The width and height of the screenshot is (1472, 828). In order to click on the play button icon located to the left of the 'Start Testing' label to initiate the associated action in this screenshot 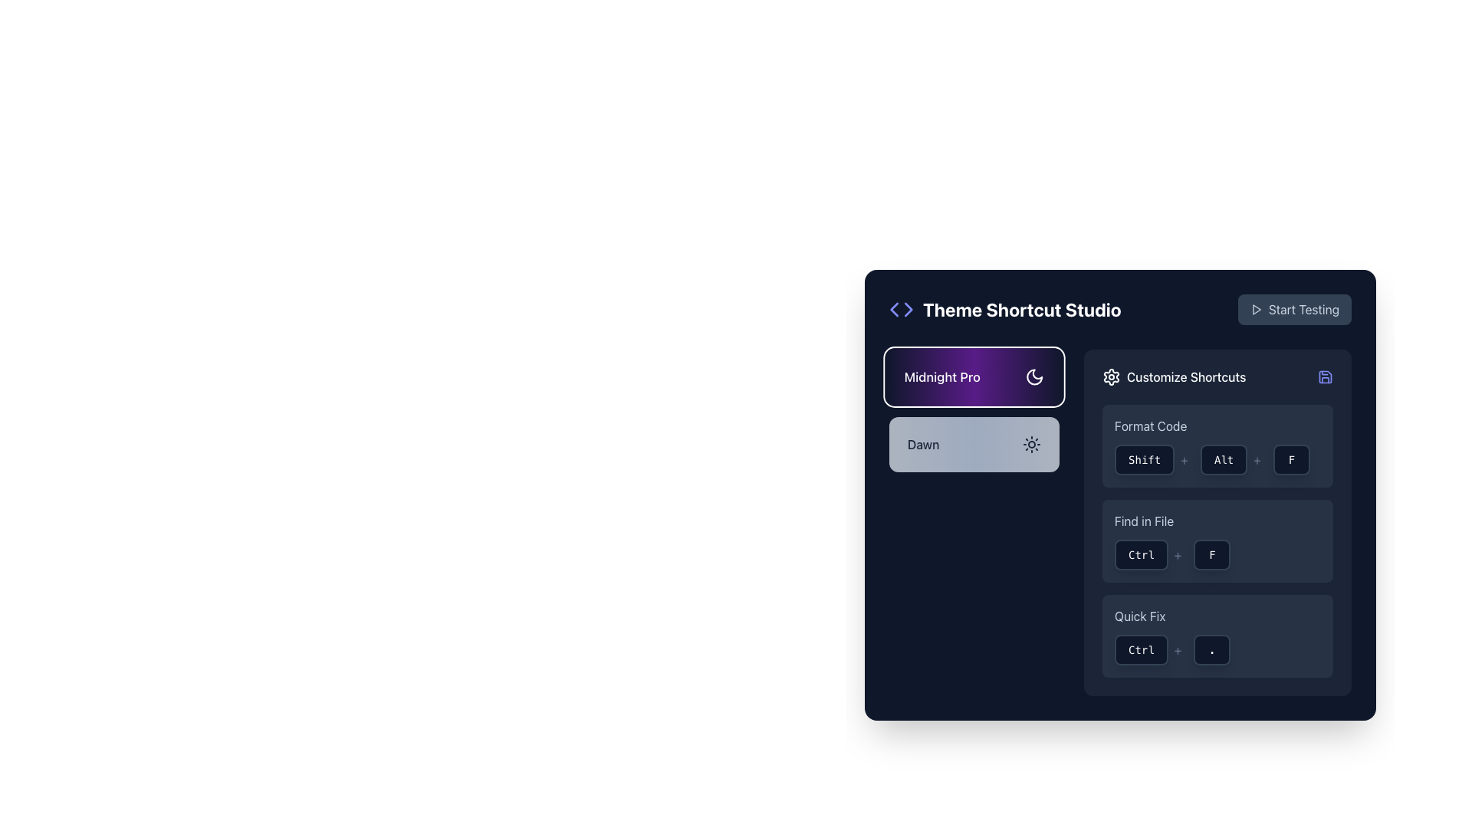, I will do `click(1256, 310)`.